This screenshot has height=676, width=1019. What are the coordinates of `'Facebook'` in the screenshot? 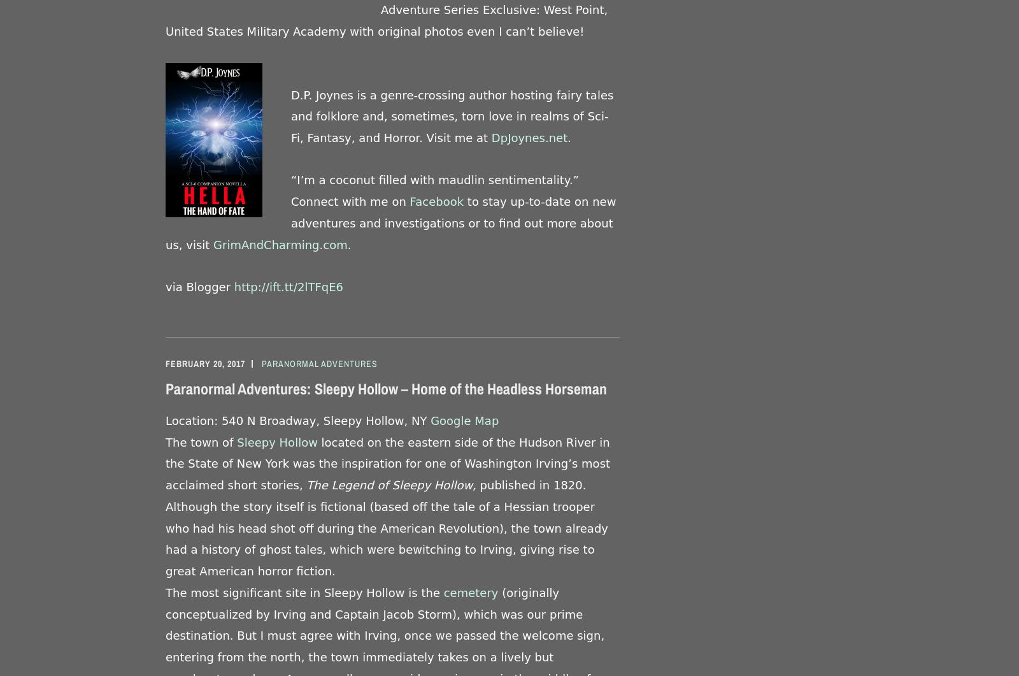 It's located at (410, 201).